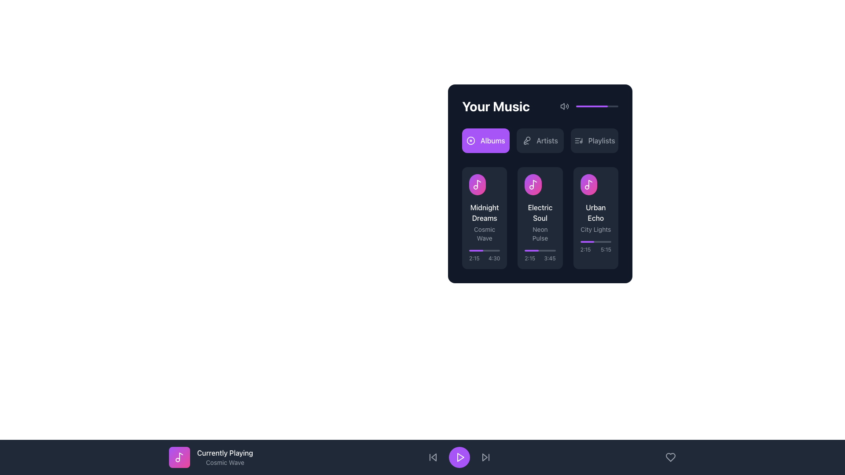 Image resolution: width=845 pixels, height=475 pixels. What do you see at coordinates (595, 229) in the screenshot?
I see `the static text that serves as a subtitle or secondary description, located directly below the 'Urban Echo' title in the bottom-middle section of the third music item card` at bounding box center [595, 229].